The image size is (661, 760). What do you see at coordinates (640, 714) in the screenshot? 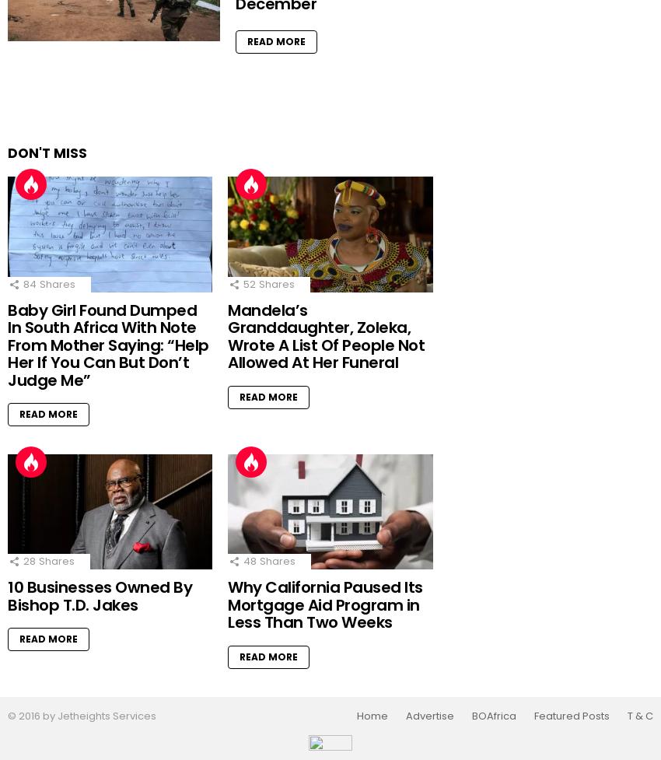
I see `'T & C'` at bounding box center [640, 714].